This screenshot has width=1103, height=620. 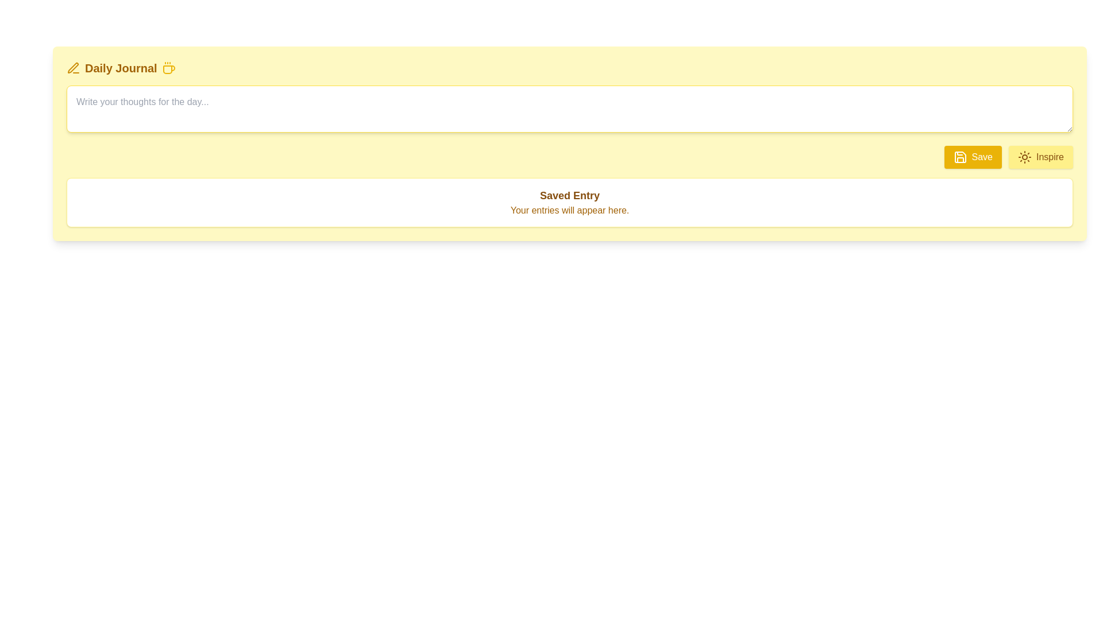 What do you see at coordinates (1040, 157) in the screenshot?
I see `the button labeled 'Inspire' with a yellow background and sun icon` at bounding box center [1040, 157].